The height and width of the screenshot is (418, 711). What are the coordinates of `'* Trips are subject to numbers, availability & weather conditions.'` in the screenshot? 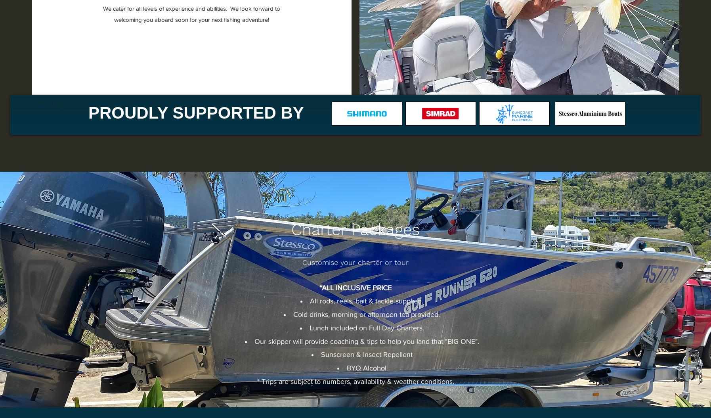 It's located at (256, 381).